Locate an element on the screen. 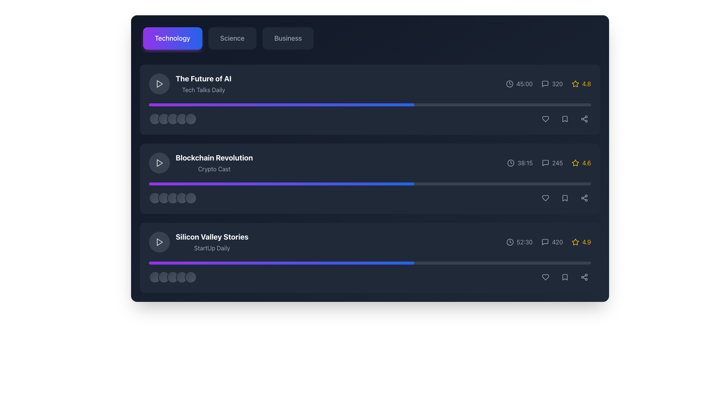  the information provided by the text label displaying '245' in medium gray font, located in the 'Blockchain Revolution' row adjacent to its associated icon is located at coordinates (557, 162).